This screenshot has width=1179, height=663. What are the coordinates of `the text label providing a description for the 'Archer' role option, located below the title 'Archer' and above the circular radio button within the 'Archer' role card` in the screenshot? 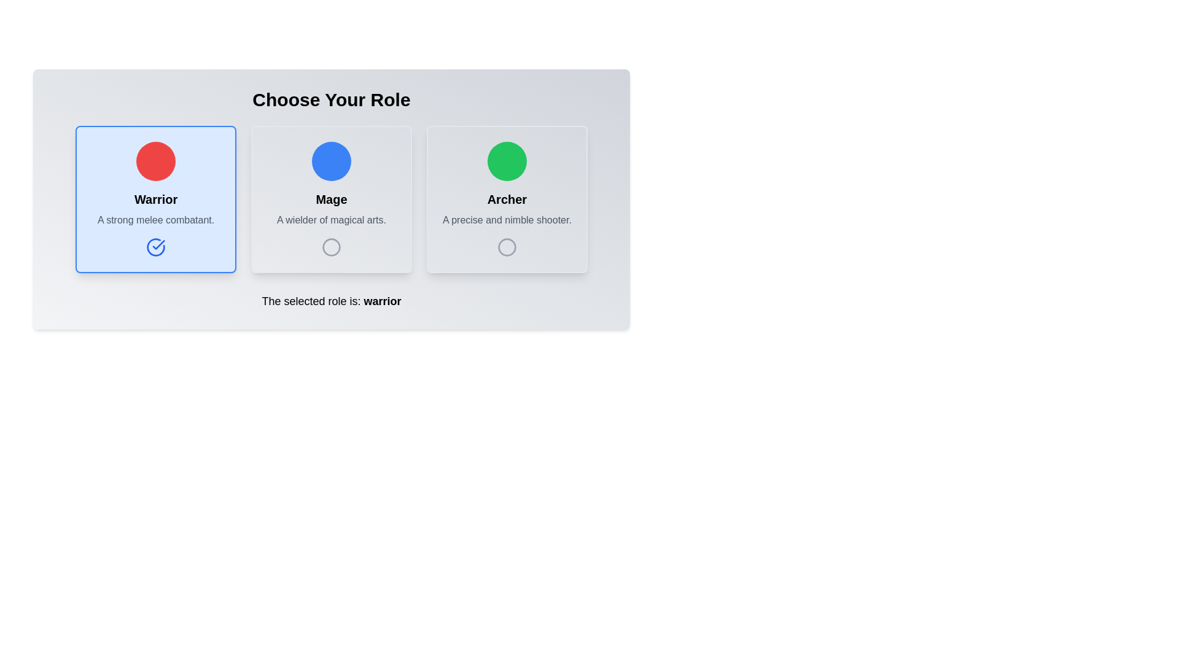 It's located at (507, 219).